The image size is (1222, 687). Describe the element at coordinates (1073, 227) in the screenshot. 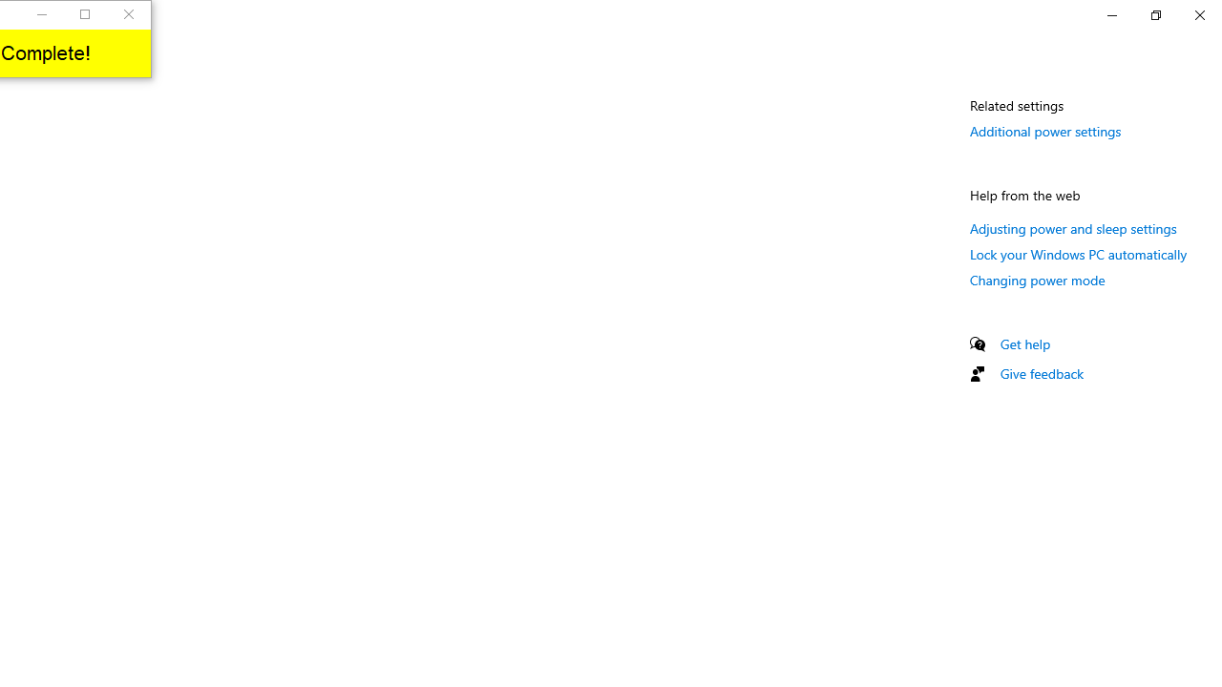

I see `'Adjusting power and sleep settings'` at that location.